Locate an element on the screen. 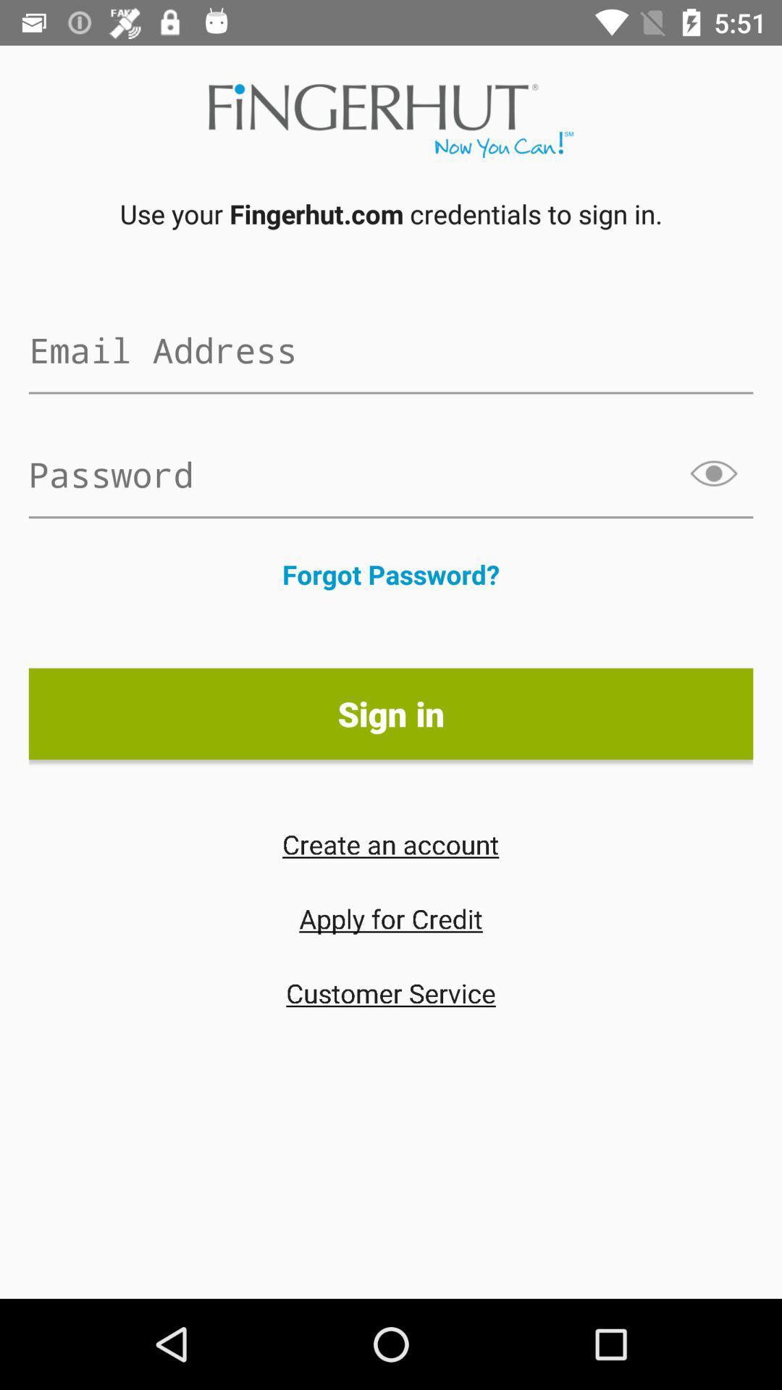  the forgot password? is located at coordinates (391, 573).